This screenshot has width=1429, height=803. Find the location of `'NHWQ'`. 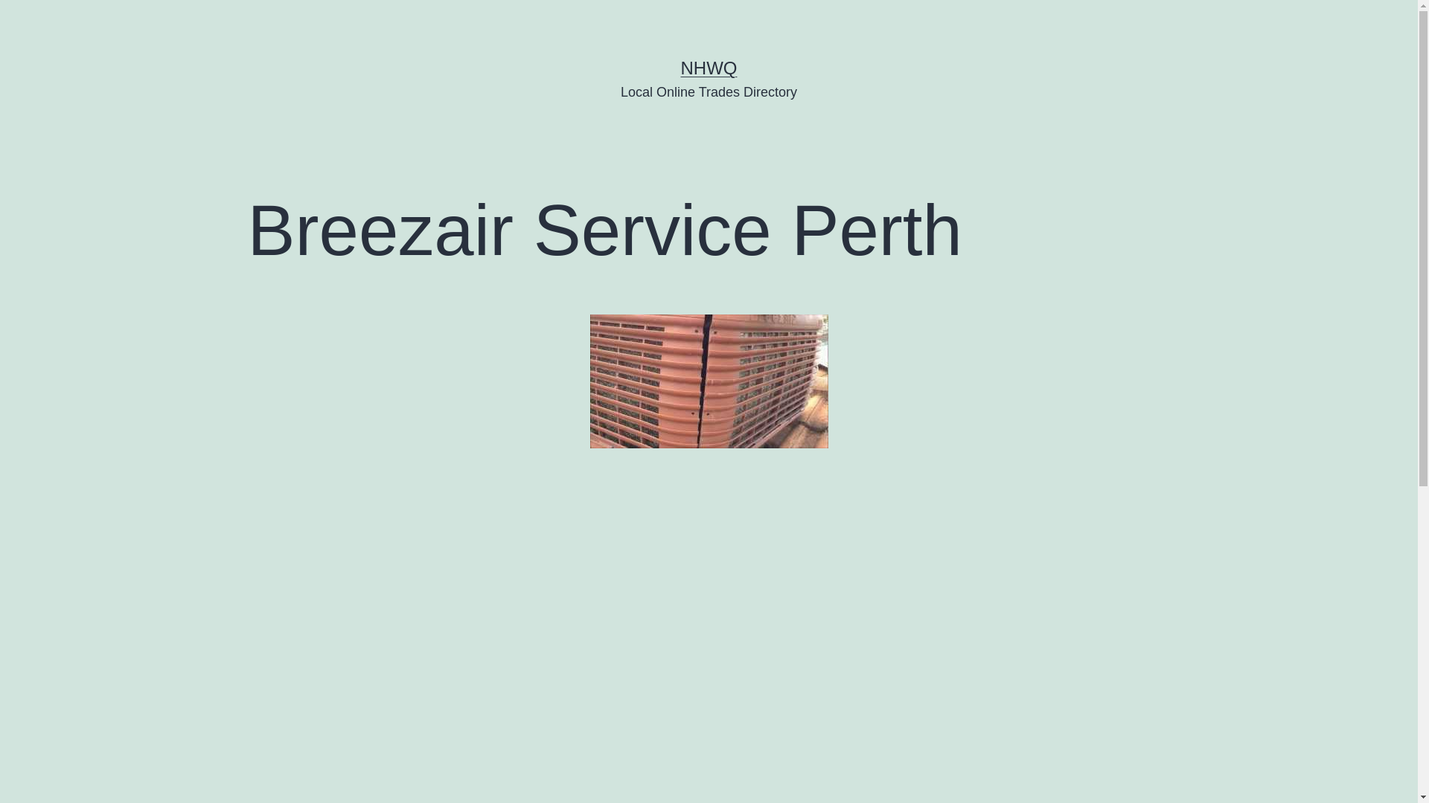

'NHWQ' is located at coordinates (707, 68).